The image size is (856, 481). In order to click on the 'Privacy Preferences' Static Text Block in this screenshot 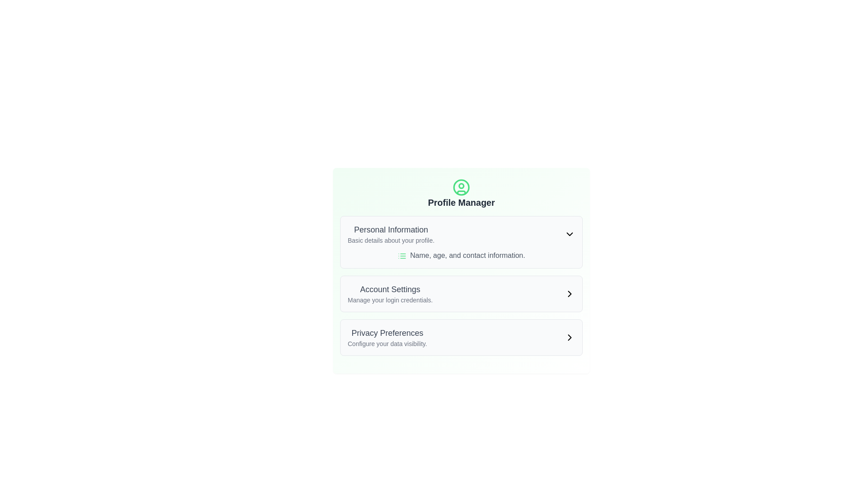, I will do `click(387, 338)`.